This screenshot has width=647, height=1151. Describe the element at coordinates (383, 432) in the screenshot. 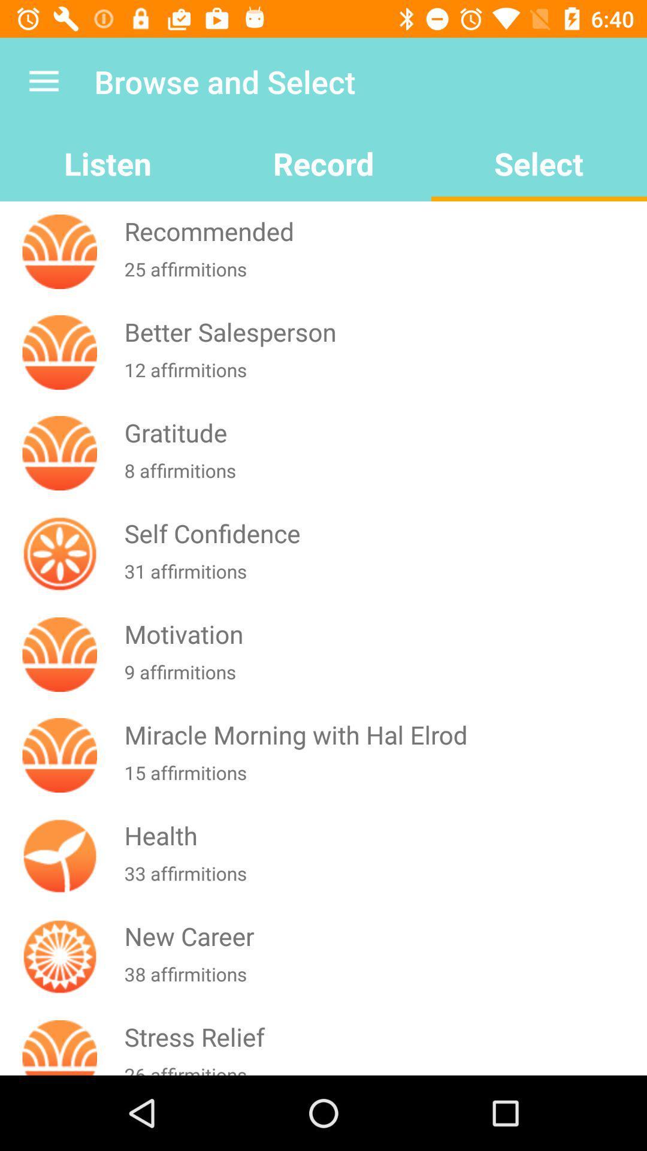

I see `the icon below 12 affirmitions item` at that location.